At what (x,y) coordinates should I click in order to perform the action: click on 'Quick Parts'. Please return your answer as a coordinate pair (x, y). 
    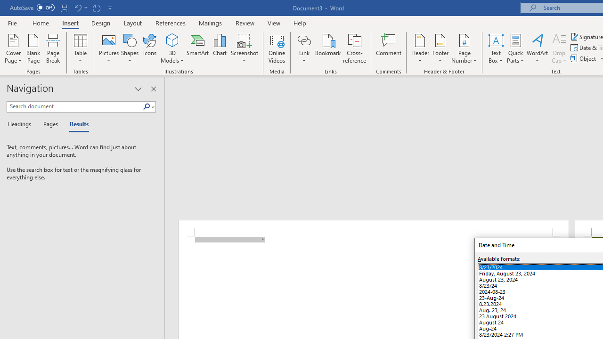
    Looking at the image, I should click on (515, 48).